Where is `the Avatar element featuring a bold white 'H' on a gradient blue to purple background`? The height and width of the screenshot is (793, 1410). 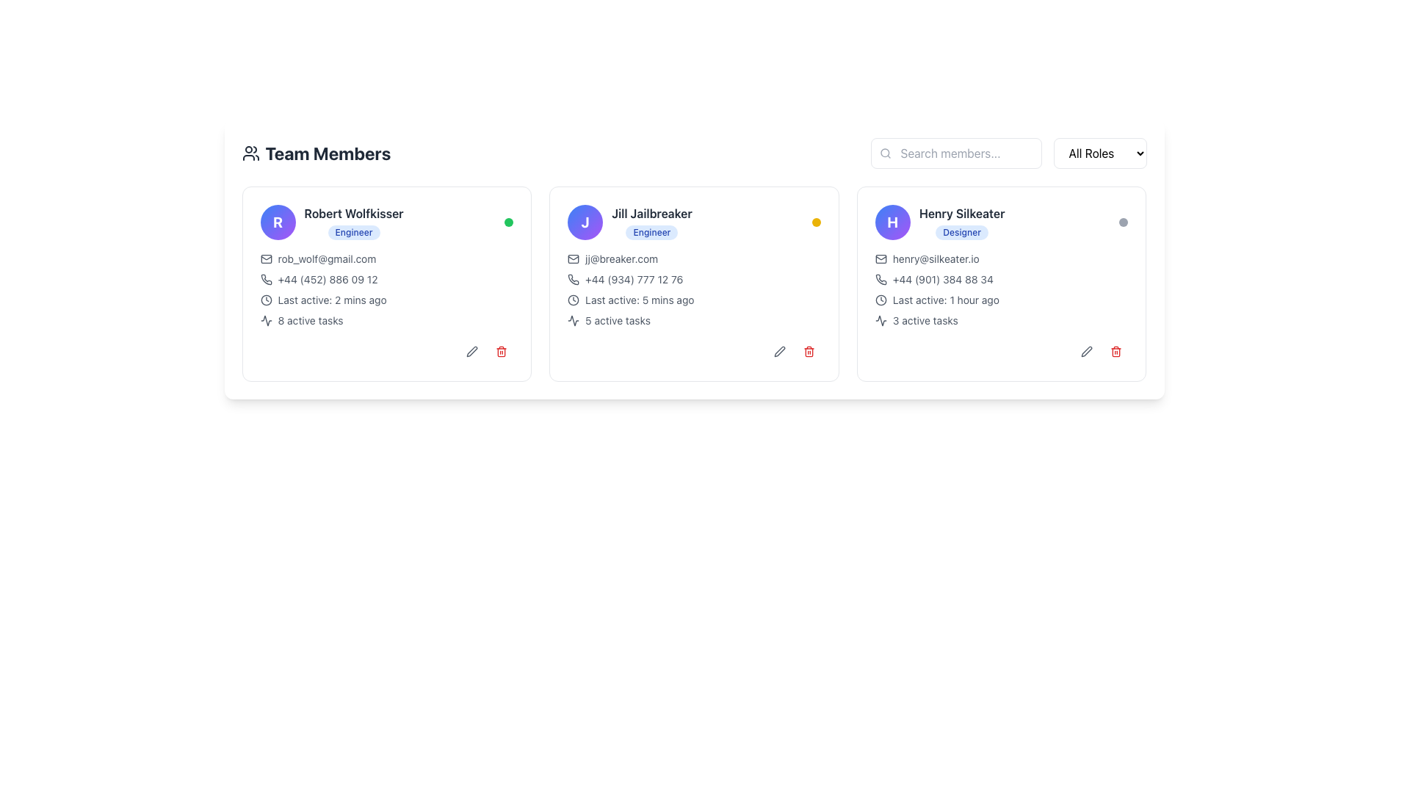
the Avatar element featuring a bold white 'H' on a gradient blue to purple background is located at coordinates (892, 222).